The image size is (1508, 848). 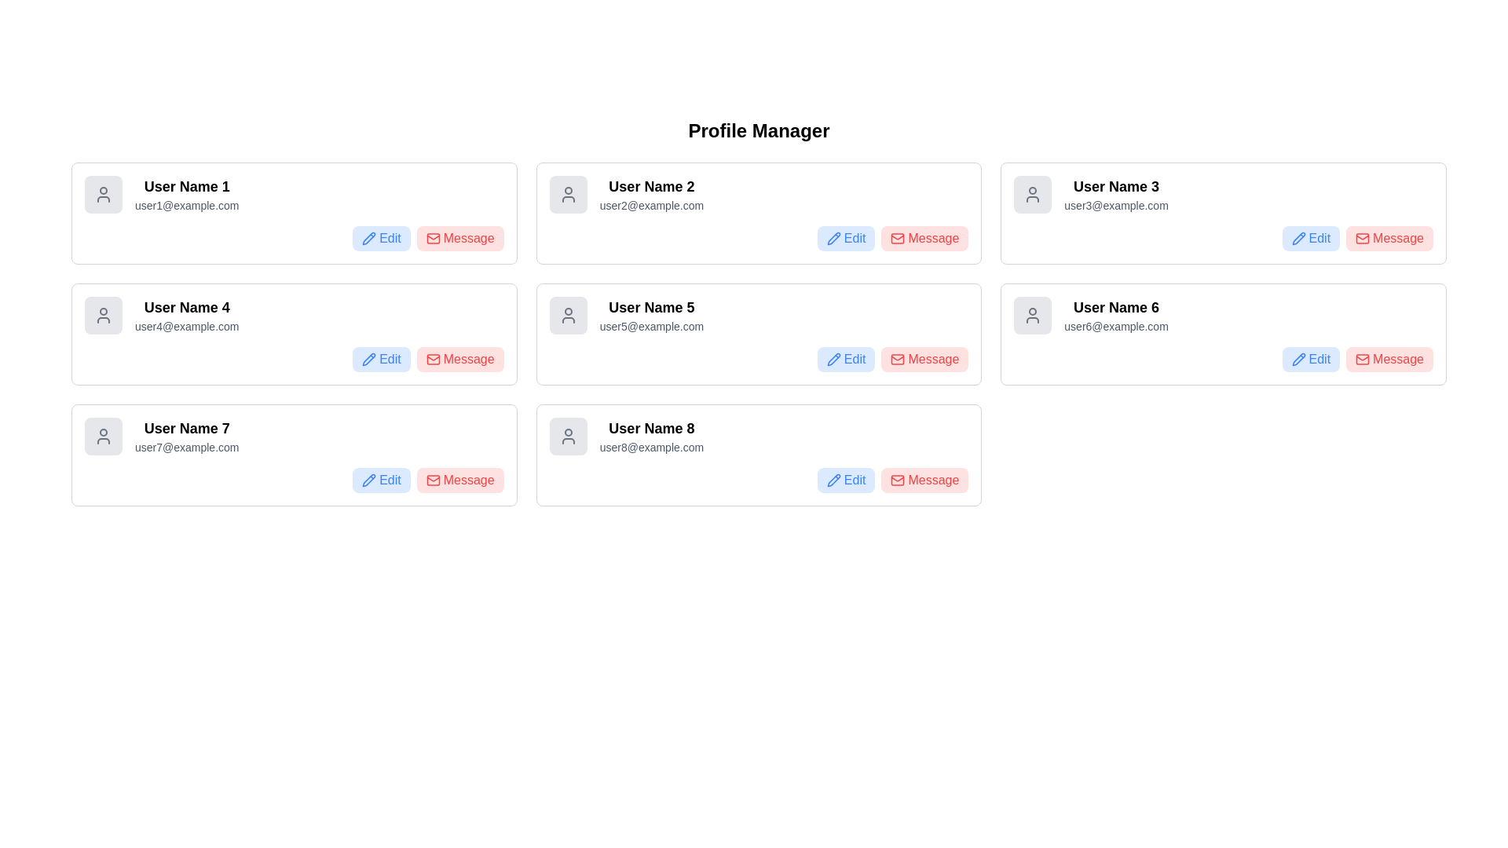 I want to click on the red-colored 'Message' button prominently displayed in bold font located in the user profile row for 'User Name 7' to initiate a message, so click(x=468, y=480).